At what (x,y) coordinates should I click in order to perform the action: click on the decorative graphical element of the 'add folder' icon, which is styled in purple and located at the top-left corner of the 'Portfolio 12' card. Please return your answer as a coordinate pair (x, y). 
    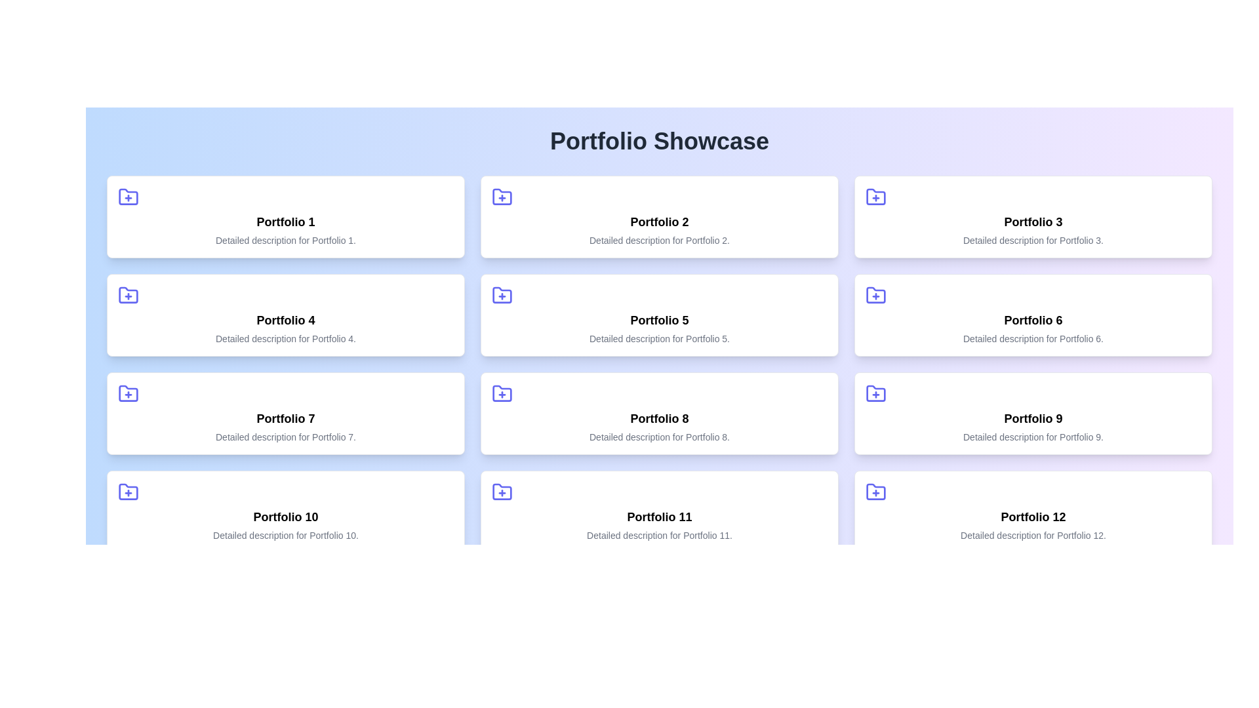
    Looking at the image, I should click on (875, 491).